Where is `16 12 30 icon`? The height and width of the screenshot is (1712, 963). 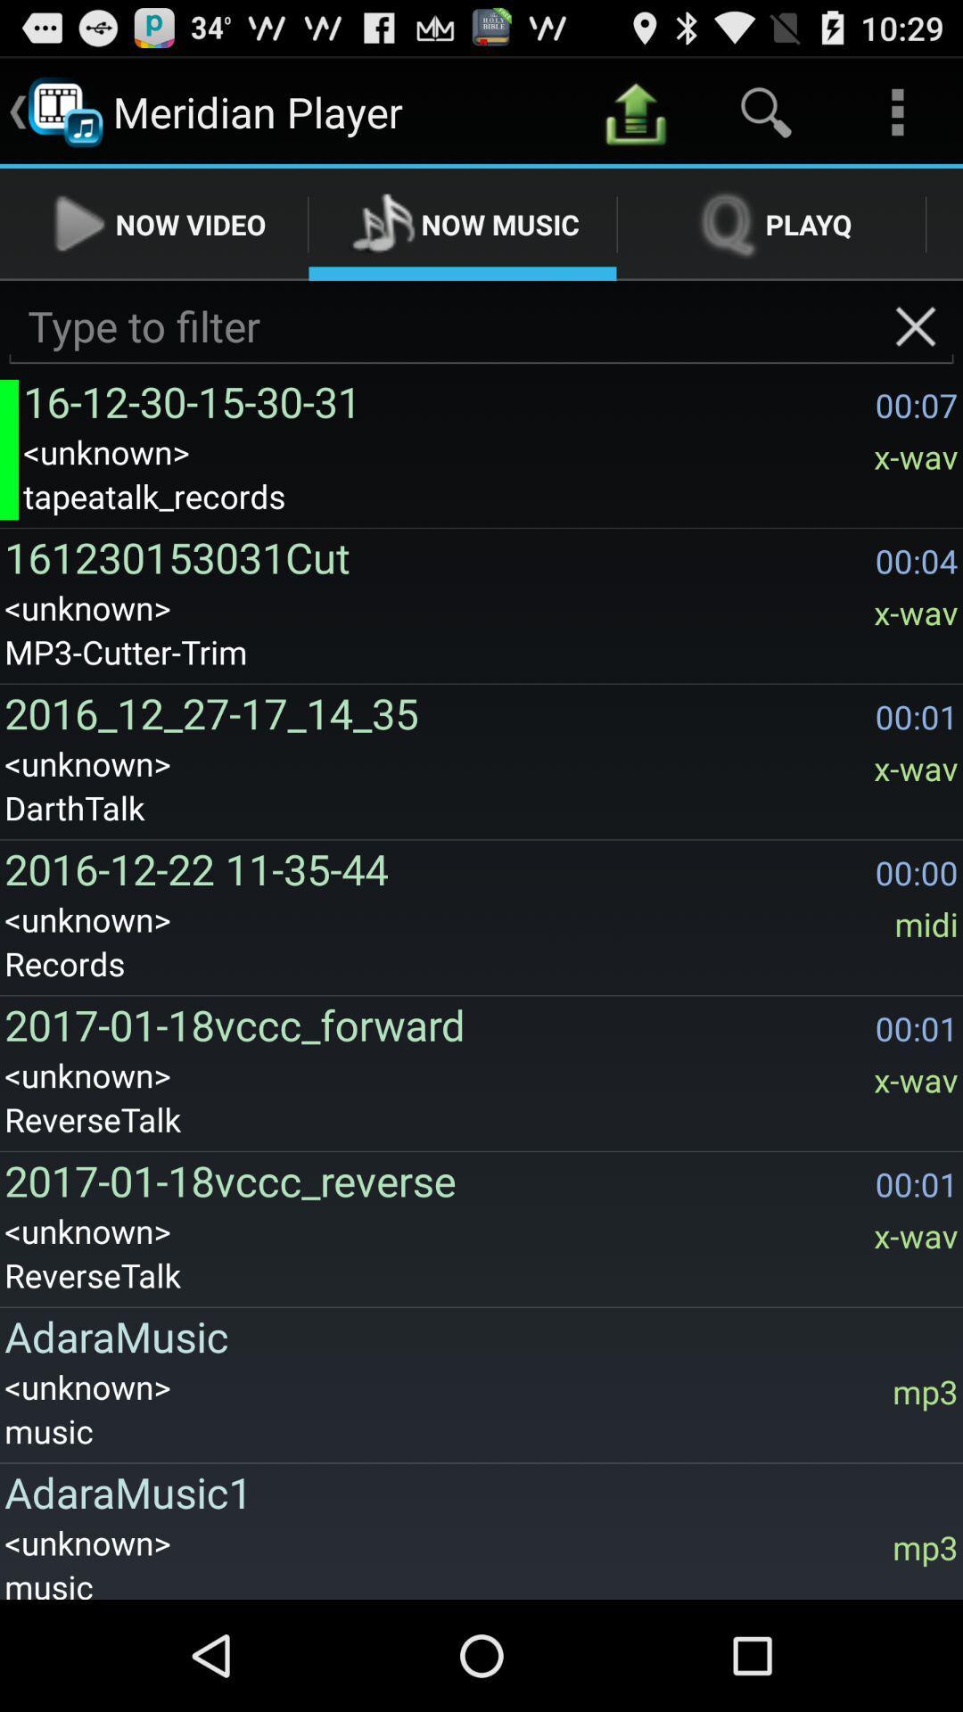
16 12 30 icon is located at coordinates (443, 400).